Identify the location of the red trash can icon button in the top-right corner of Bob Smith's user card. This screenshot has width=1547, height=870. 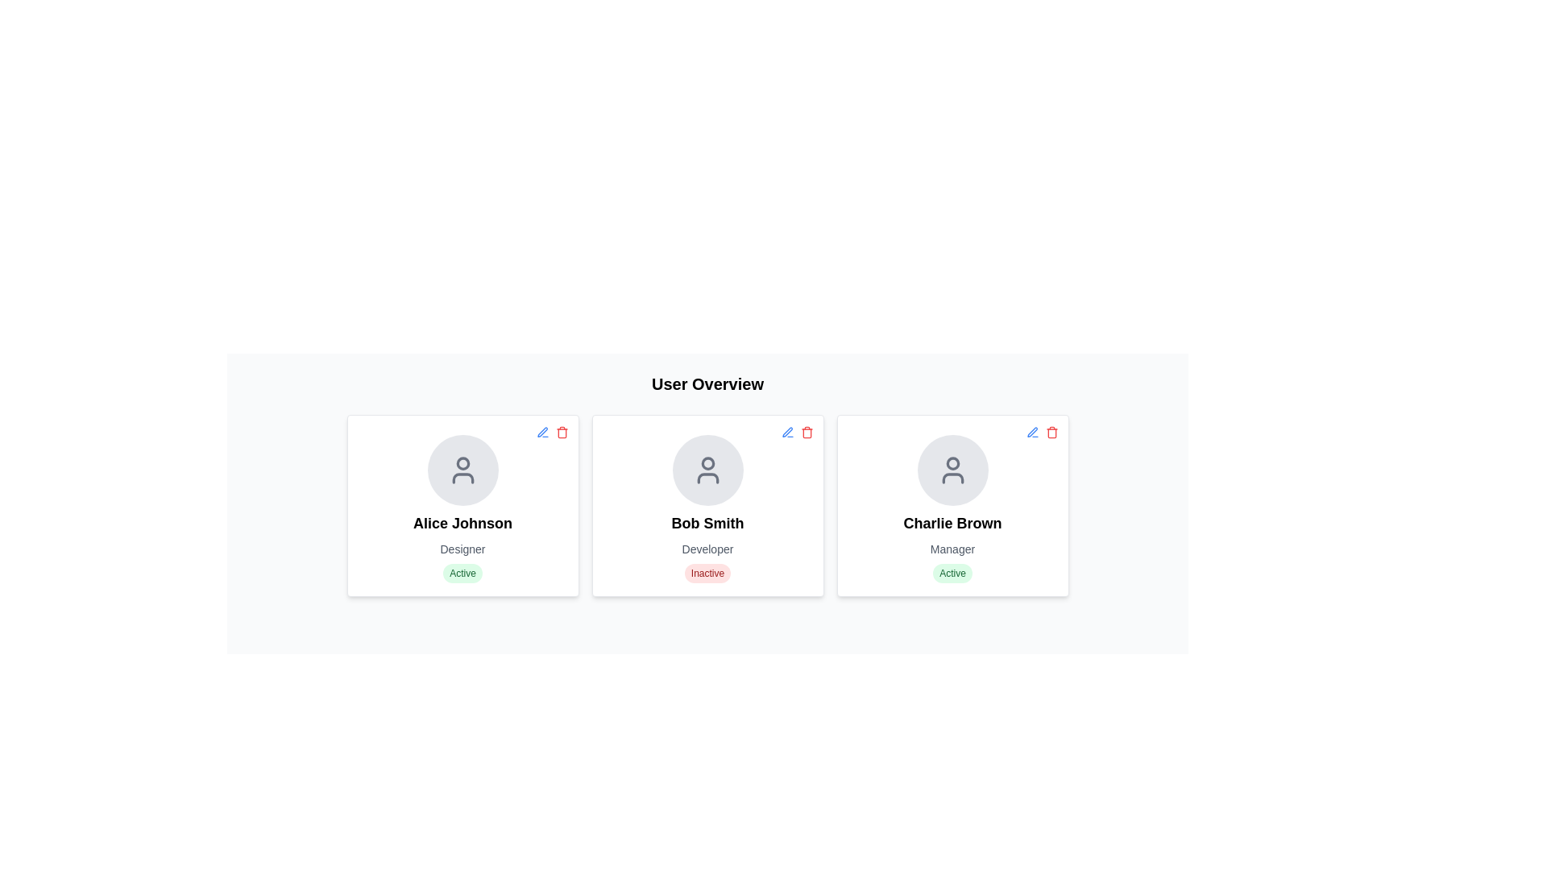
(807, 431).